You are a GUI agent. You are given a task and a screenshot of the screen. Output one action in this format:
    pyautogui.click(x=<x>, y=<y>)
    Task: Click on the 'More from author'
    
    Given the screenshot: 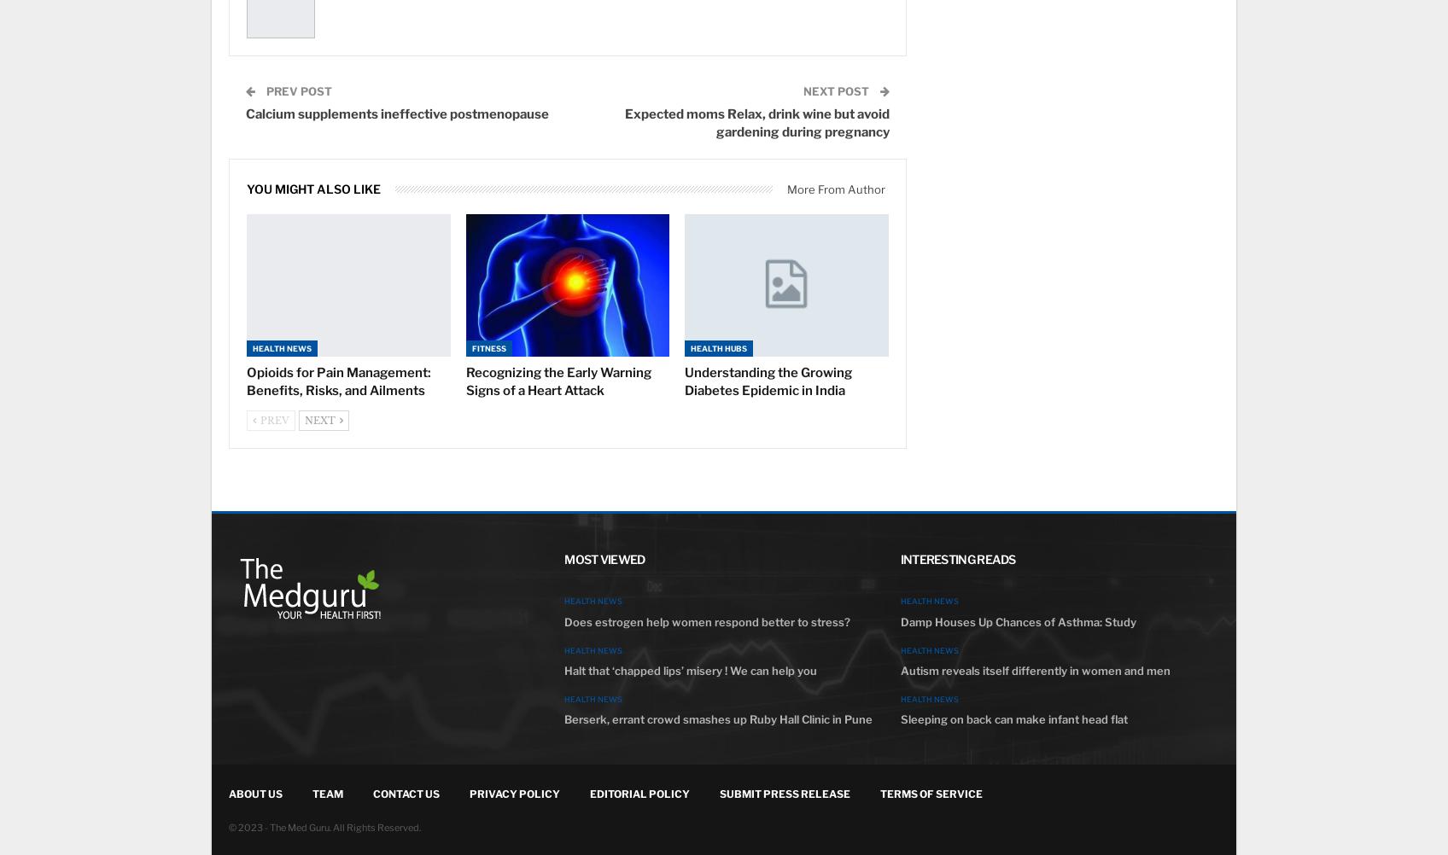 What is the action you would take?
    pyautogui.click(x=785, y=189)
    